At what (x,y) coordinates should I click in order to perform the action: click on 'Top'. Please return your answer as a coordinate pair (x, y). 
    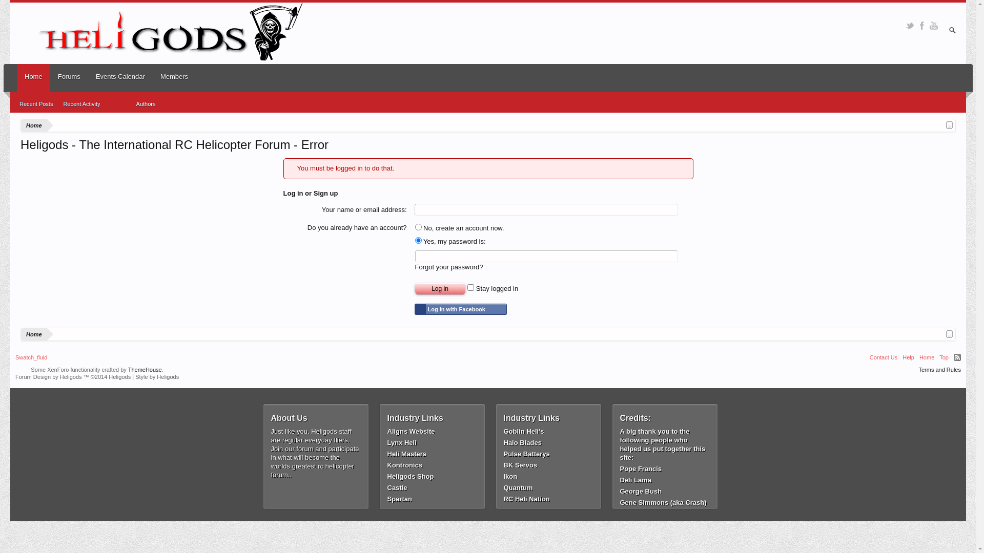
    Looking at the image, I should click on (944, 357).